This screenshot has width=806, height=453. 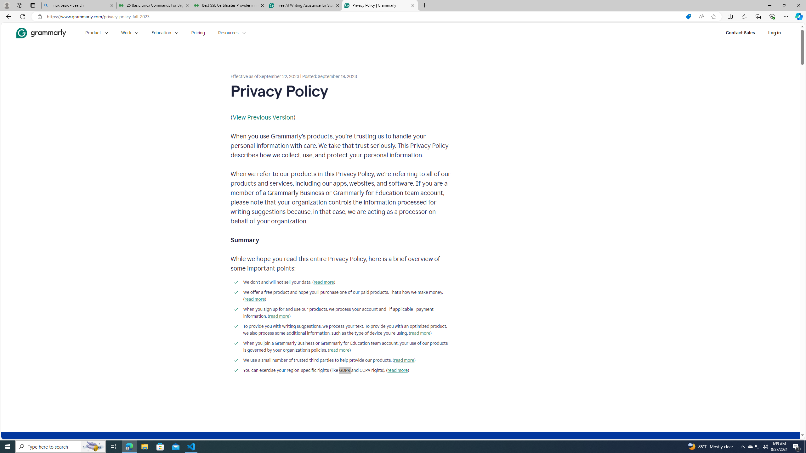 I want to click on '25 Basic Linux Commands For Beginners - GeeksforGeeks', so click(x=154, y=5).